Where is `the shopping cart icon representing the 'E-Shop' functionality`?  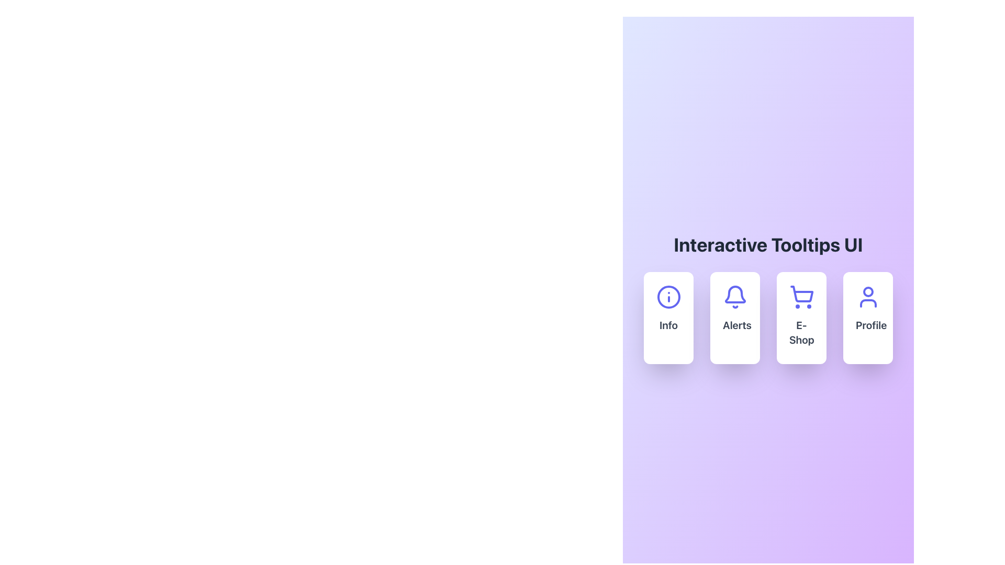 the shopping cart icon representing the 'E-Shop' functionality is located at coordinates (801, 297).